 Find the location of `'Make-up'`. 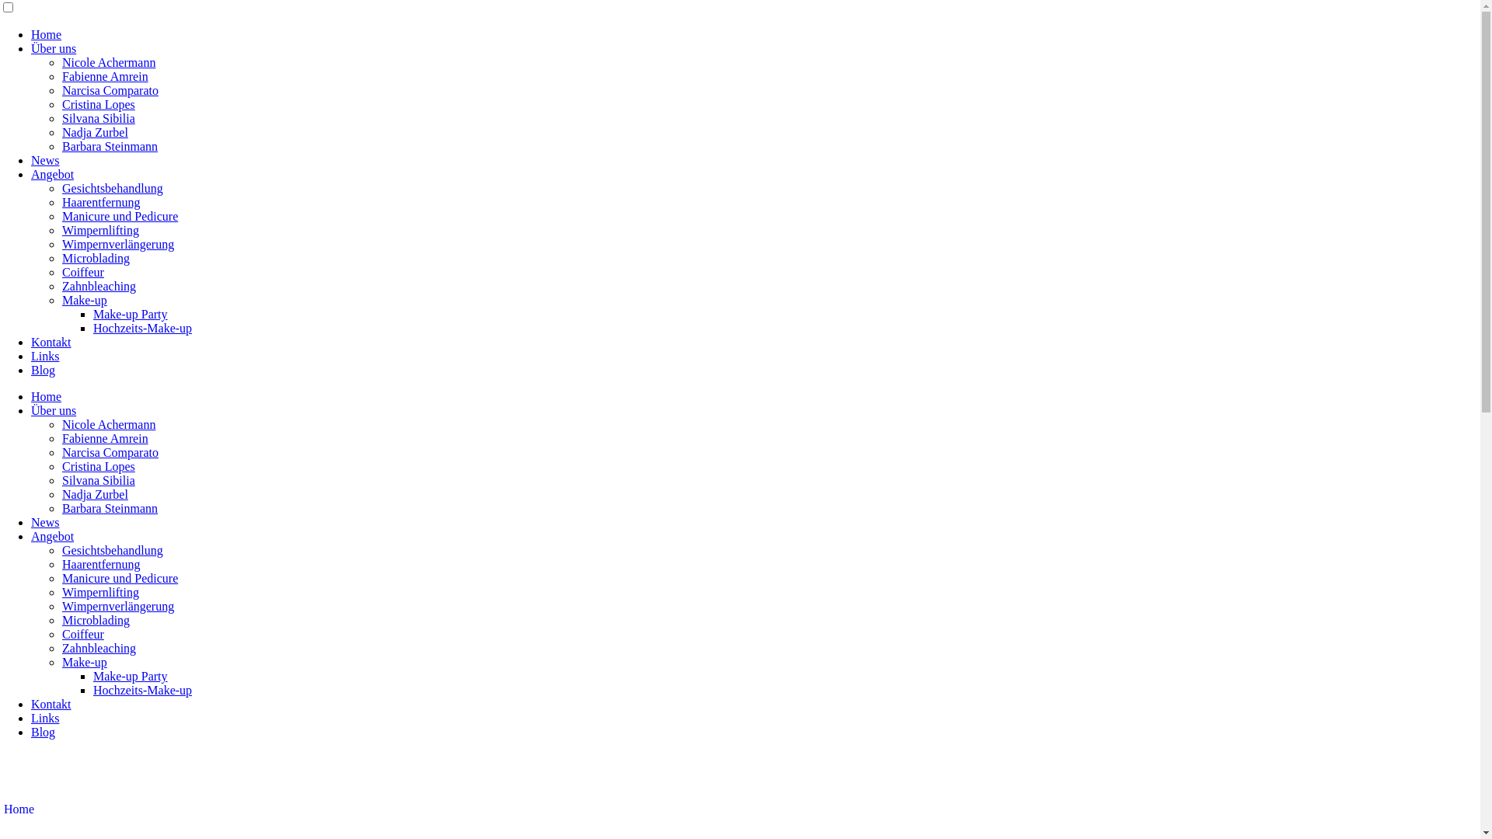

'Make-up' is located at coordinates (62, 300).